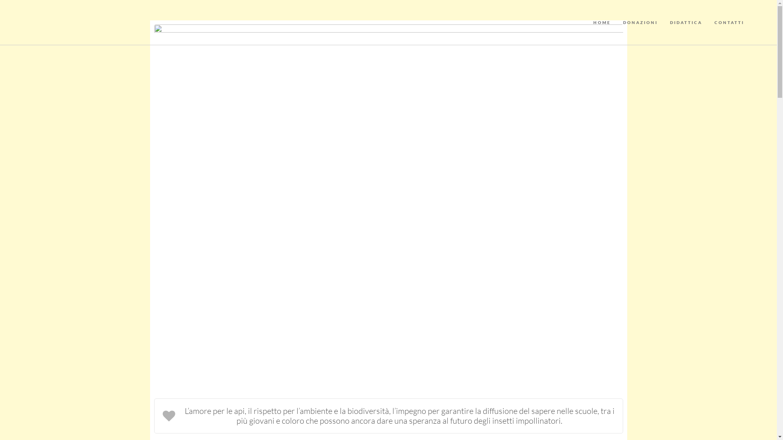 This screenshot has height=440, width=783. I want to click on 'CONTATTI', so click(729, 22).